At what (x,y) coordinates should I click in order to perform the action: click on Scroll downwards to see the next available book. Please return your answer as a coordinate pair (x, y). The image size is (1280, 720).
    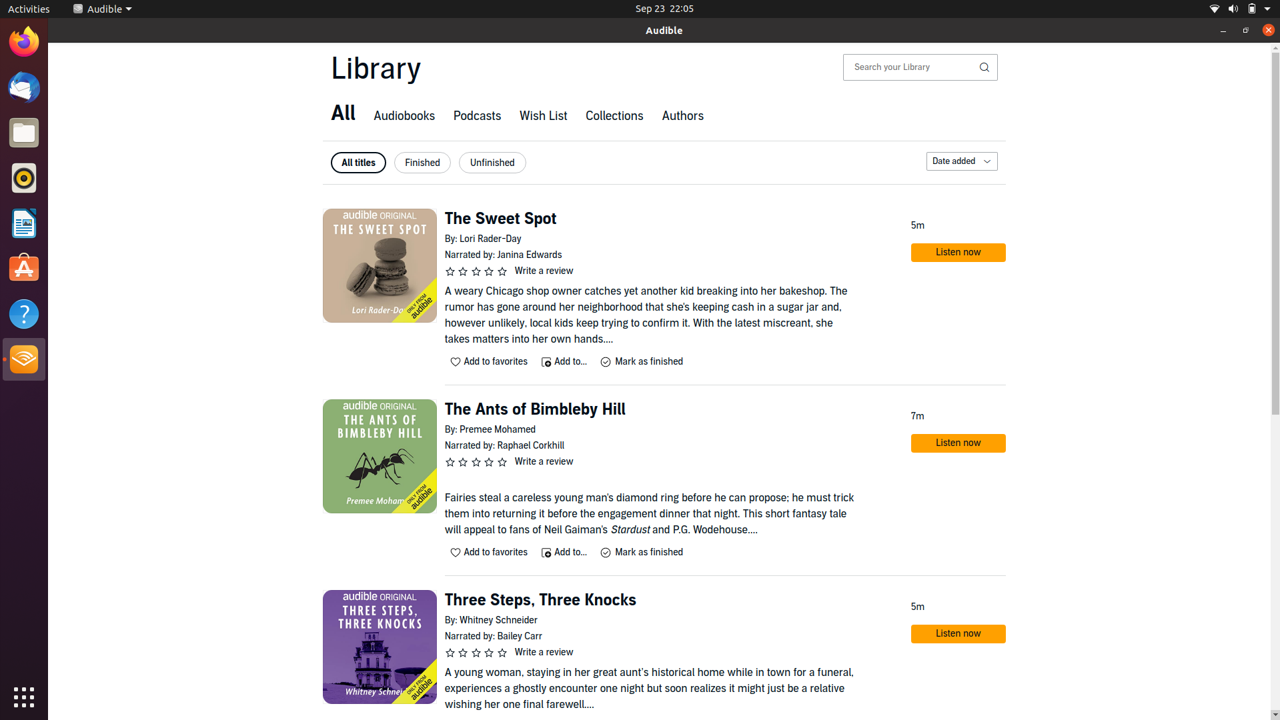
    Looking at the image, I should click on (1273600, 412200).